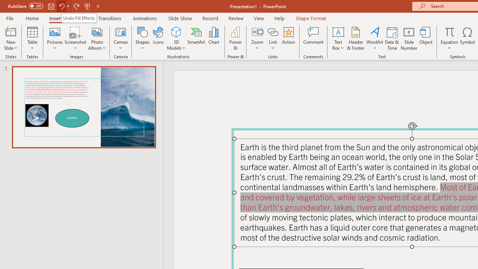 The width and height of the screenshot is (478, 269). I want to click on 'Slide Number', so click(409, 38).